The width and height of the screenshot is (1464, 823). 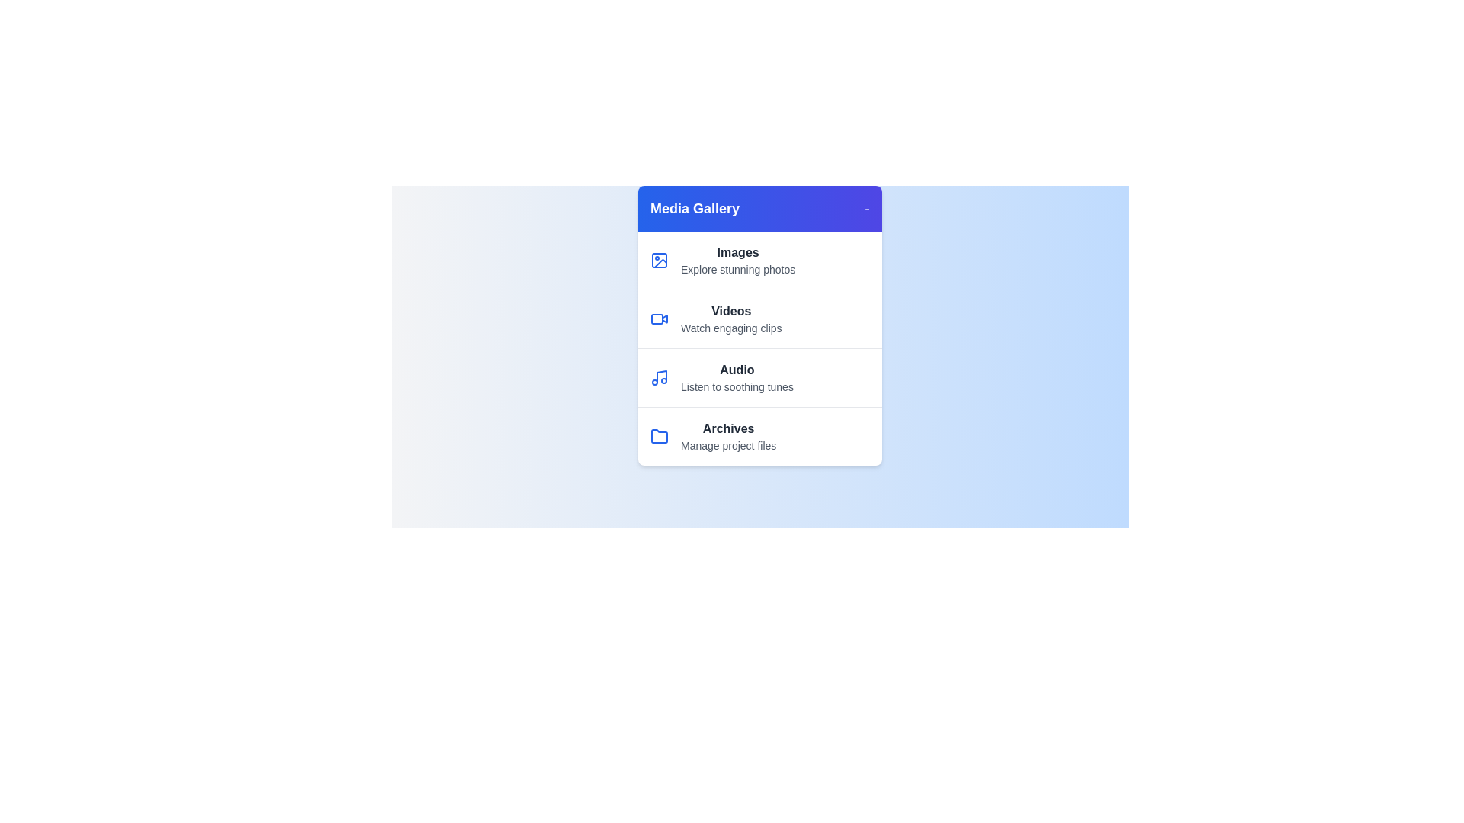 What do you see at coordinates (760, 260) in the screenshot?
I see `the media category Images from the menu` at bounding box center [760, 260].